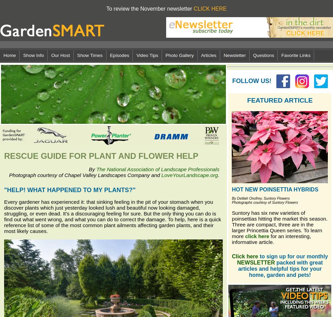 The image size is (333, 317). Describe the element at coordinates (271, 238) in the screenshot. I see `'for an interesting, informative article.'` at that location.